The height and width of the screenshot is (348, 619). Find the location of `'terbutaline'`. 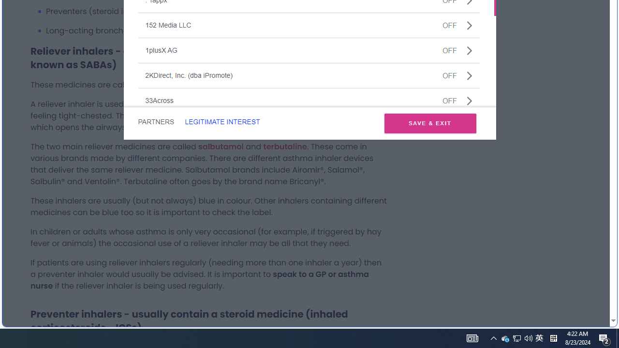

'terbutaline' is located at coordinates (284, 146).